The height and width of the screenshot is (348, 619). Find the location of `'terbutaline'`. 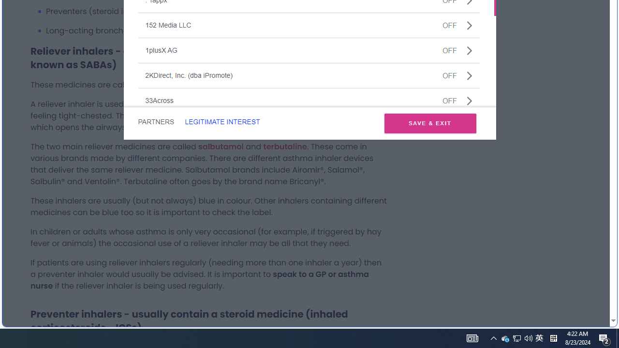

'terbutaline' is located at coordinates (284, 146).